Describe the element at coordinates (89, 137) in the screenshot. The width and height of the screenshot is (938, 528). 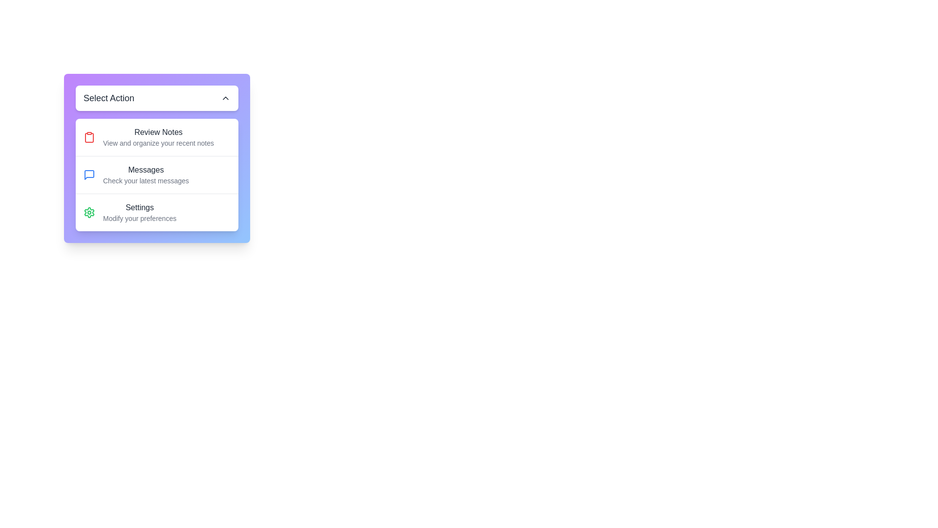
I see `the red and white clipboard icon located to the left of the 'Review Notes' text group` at that location.